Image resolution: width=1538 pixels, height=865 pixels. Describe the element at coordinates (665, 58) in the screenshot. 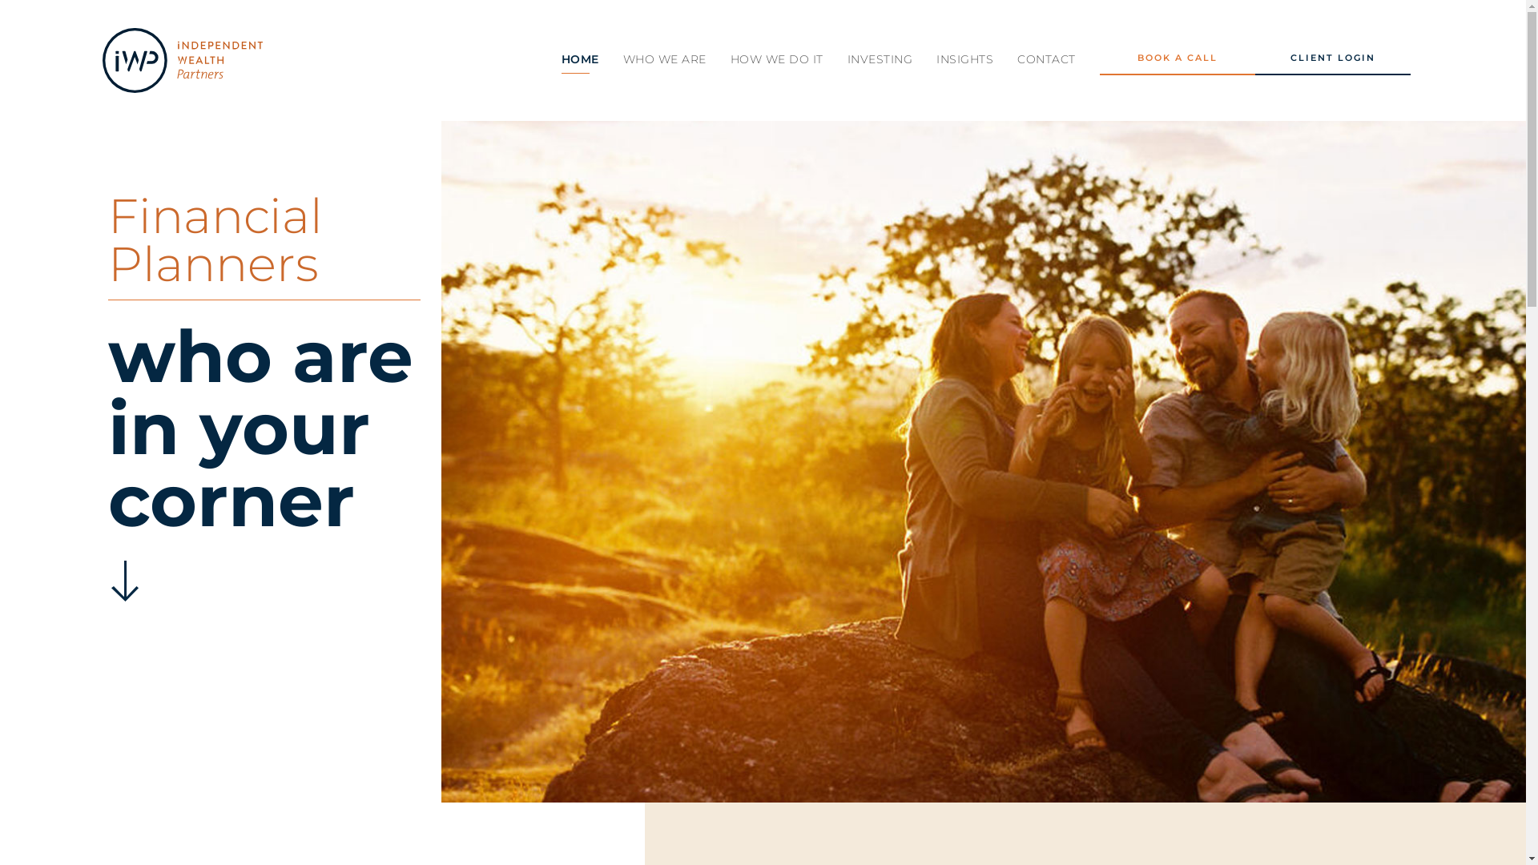

I see `'WHO WE ARE'` at that location.